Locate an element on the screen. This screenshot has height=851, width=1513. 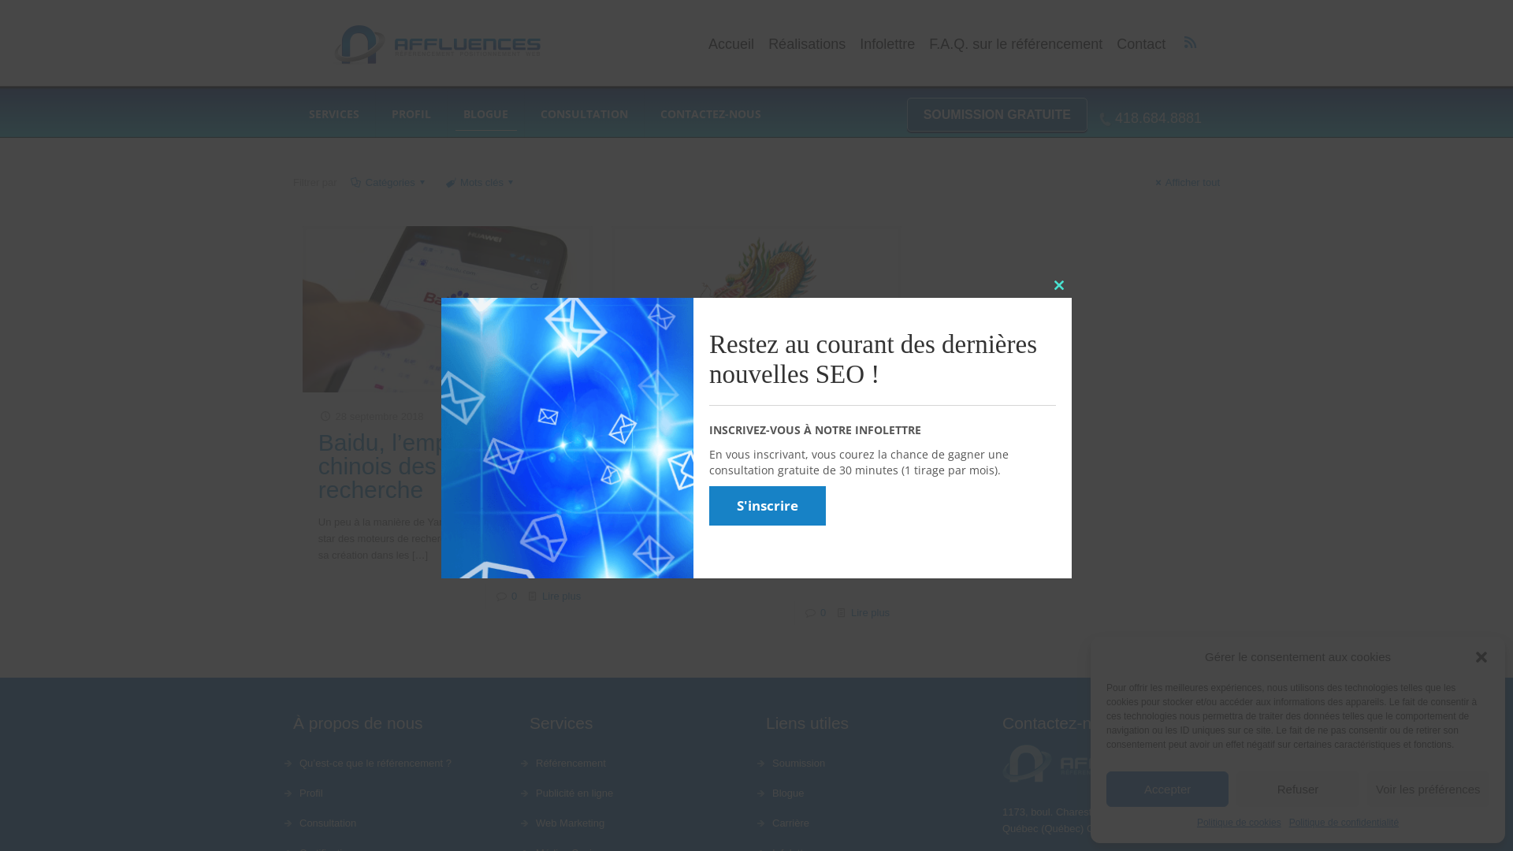
'RSS' is located at coordinates (1190, 41).